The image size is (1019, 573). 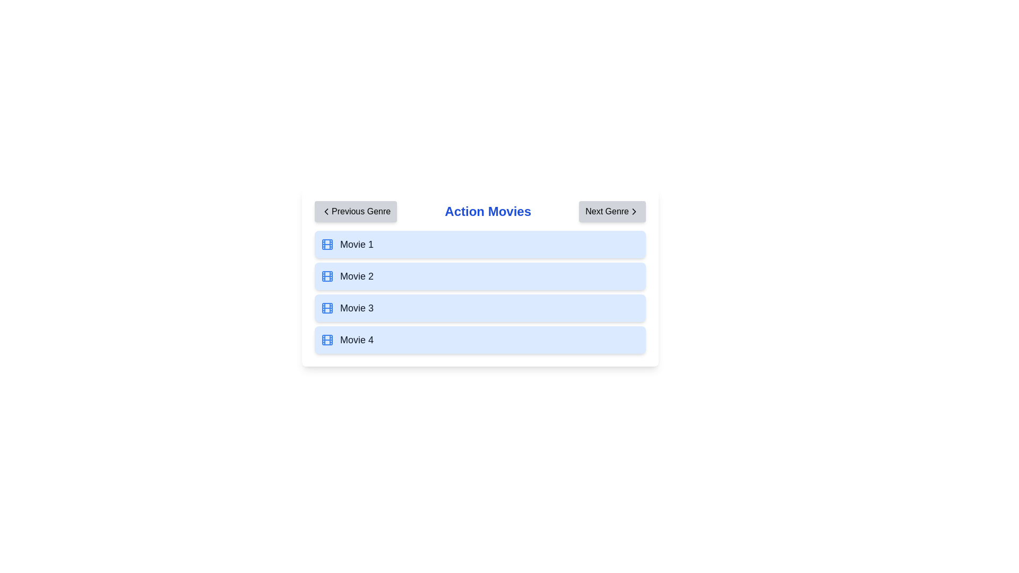 What do you see at coordinates (325, 211) in the screenshot?
I see `the left arrow icon within the 'Previous Genre' button, which is styled with thin black strokes and is part of the navigation layout` at bounding box center [325, 211].